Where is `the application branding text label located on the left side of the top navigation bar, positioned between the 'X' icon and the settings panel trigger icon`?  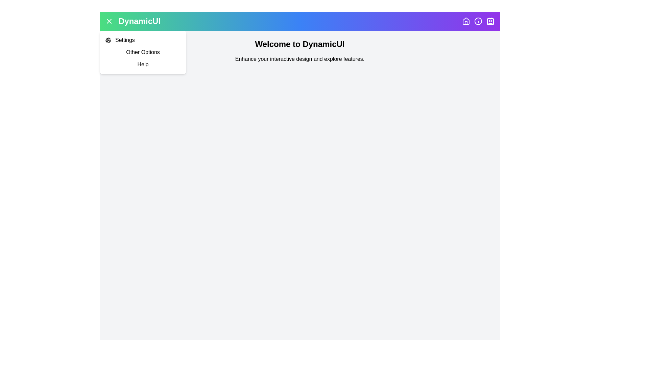
the application branding text label located on the left side of the top navigation bar, positioned between the 'X' icon and the settings panel trigger icon is located at coordinates (139, 21).